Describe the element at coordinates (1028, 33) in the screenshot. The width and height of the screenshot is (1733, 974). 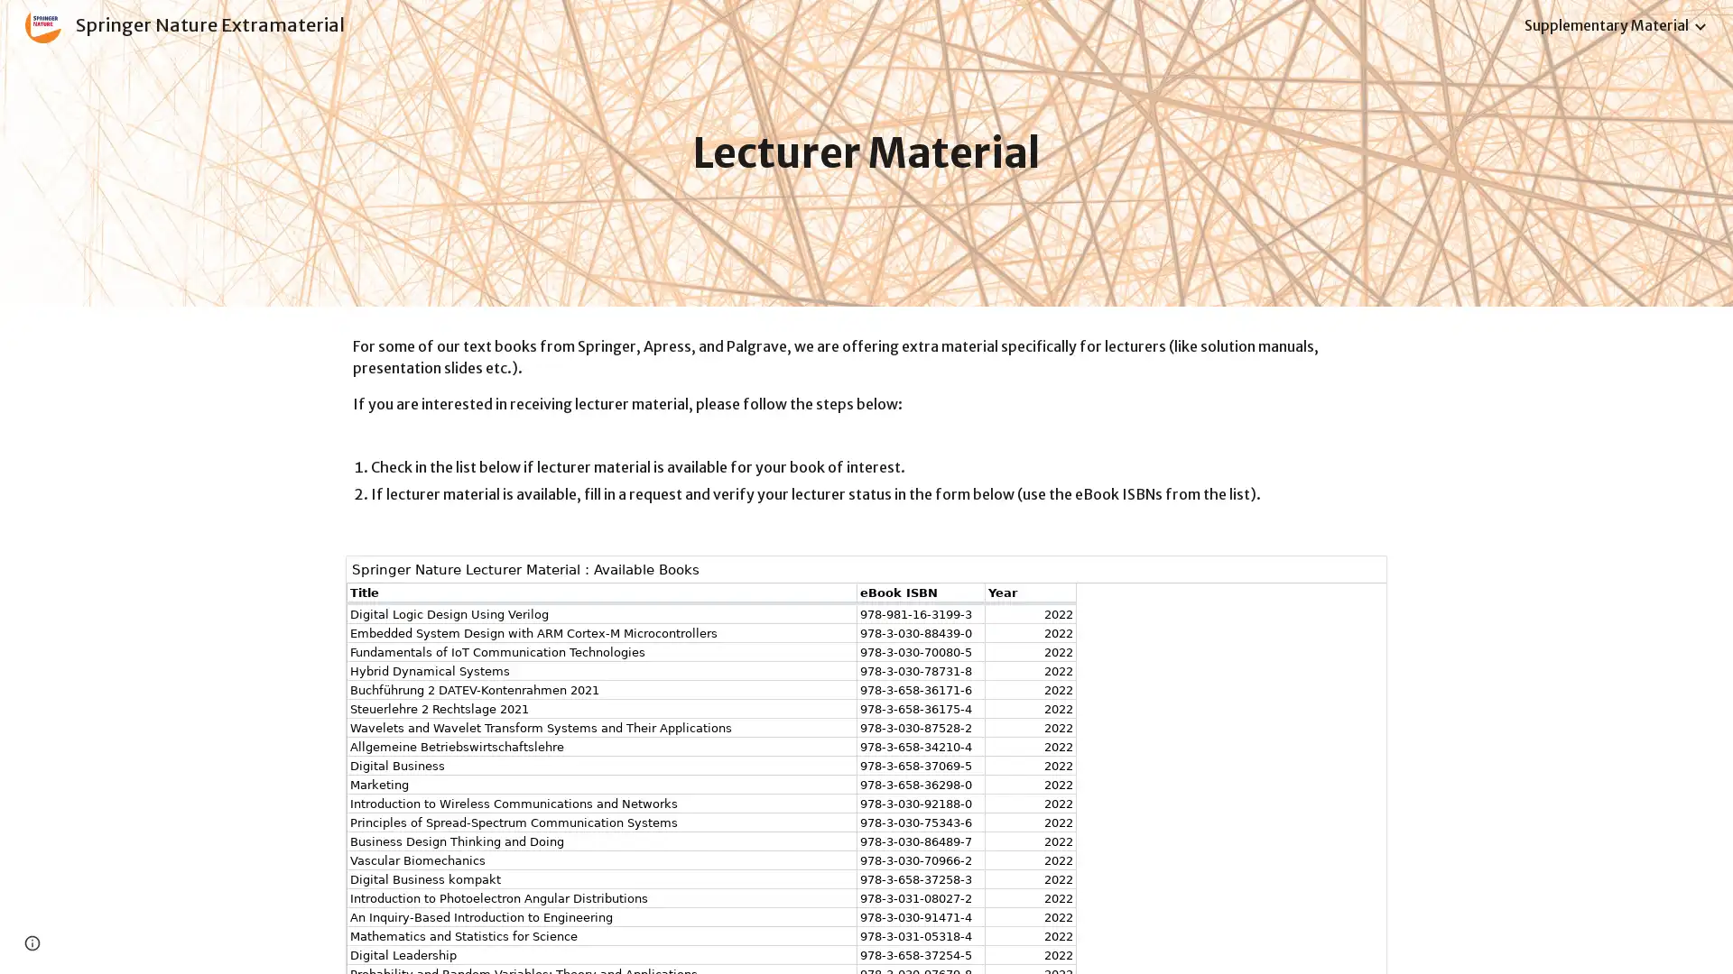
I see `Skip to navigation` at that location.